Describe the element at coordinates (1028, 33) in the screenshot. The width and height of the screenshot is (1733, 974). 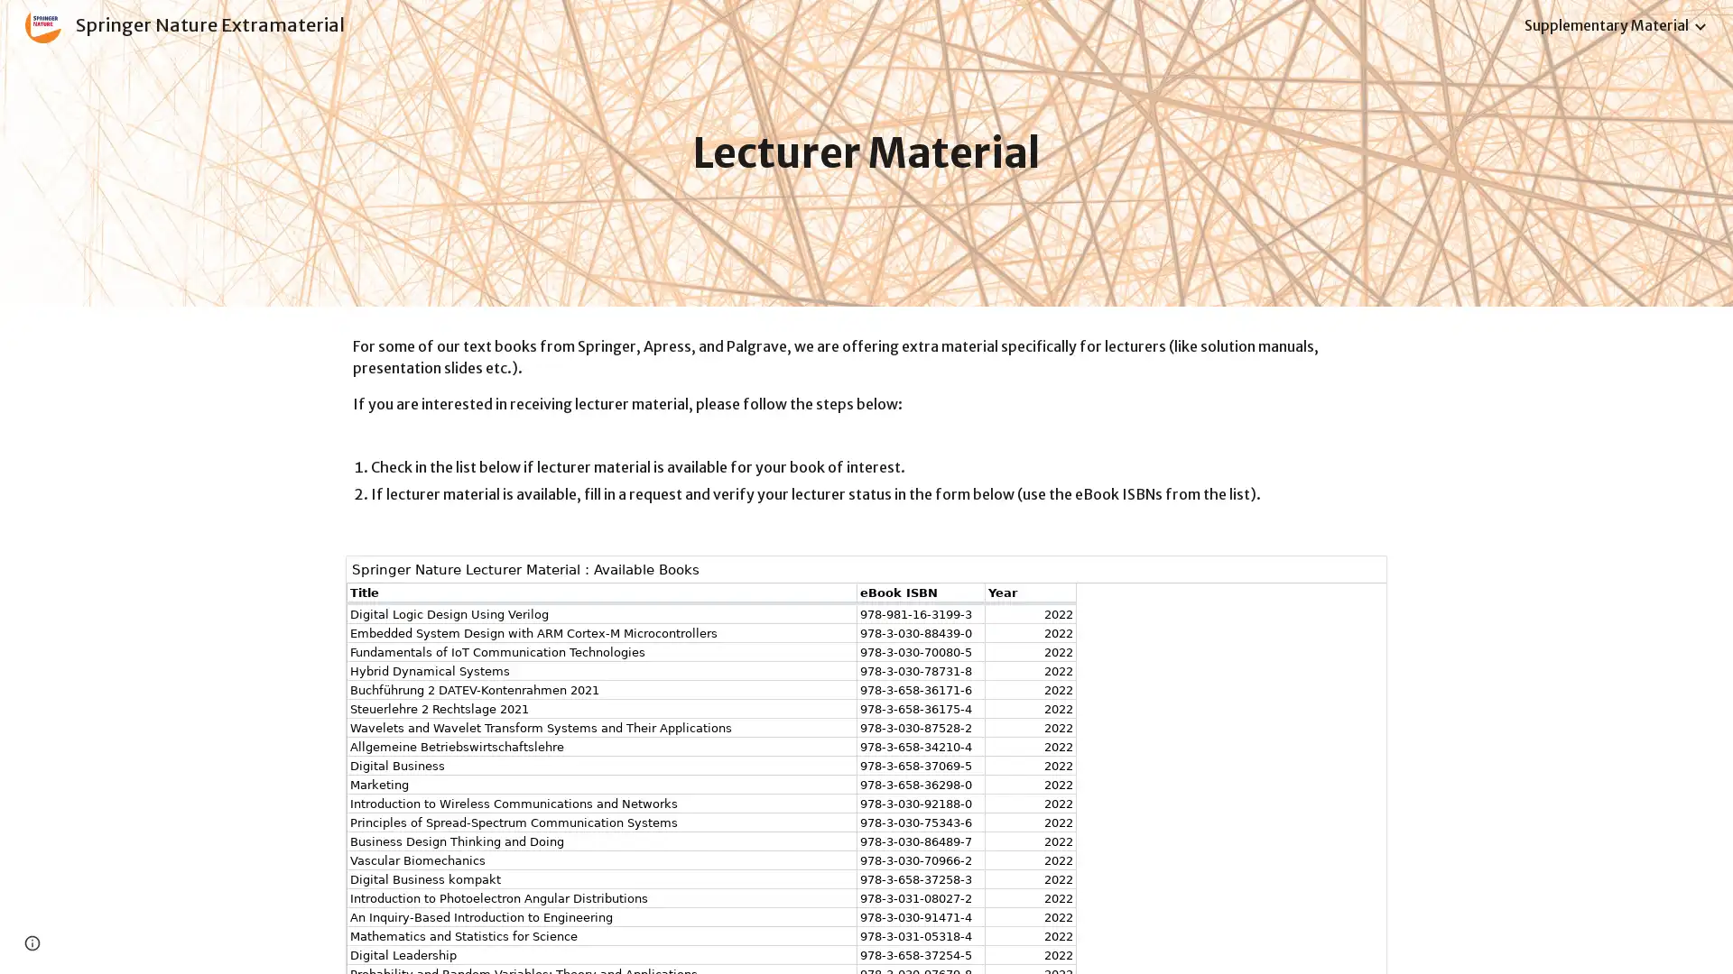
I see `Skip to navigation` at that location.